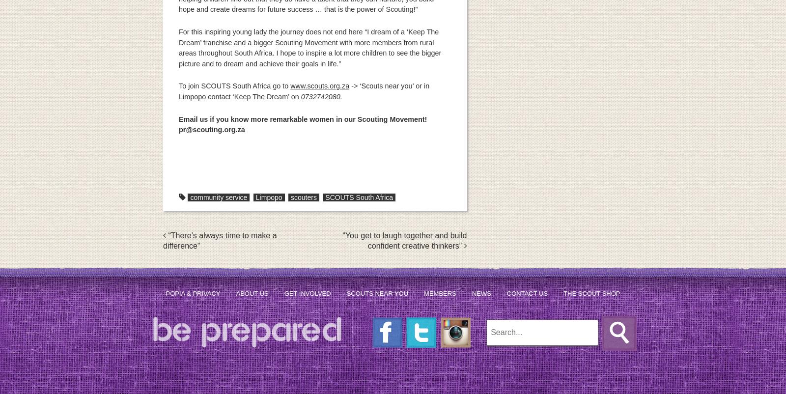 The width and height of the screenshot is (786, 394). I want to click on 'Post navigation', so click(209, 239).